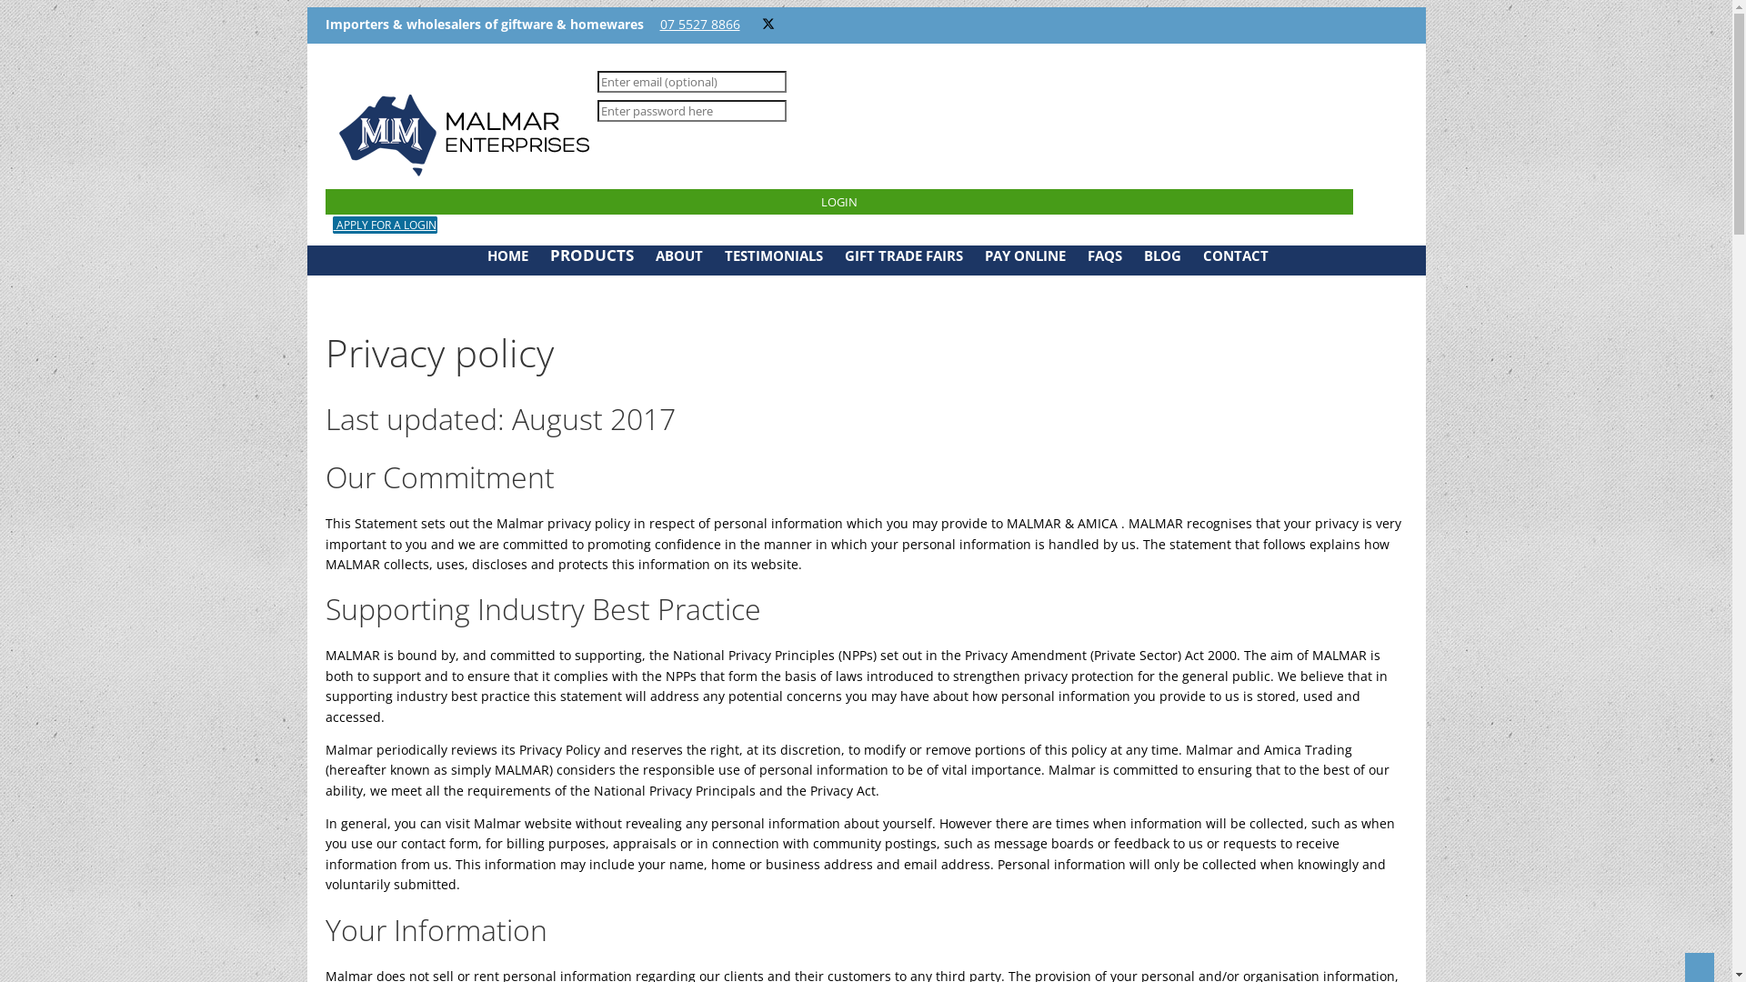  What do you see at coordinates (384, 224) in the screenshot?
I see `'APPLY FOR A LOGIN'` at bounding box center [384, 224].